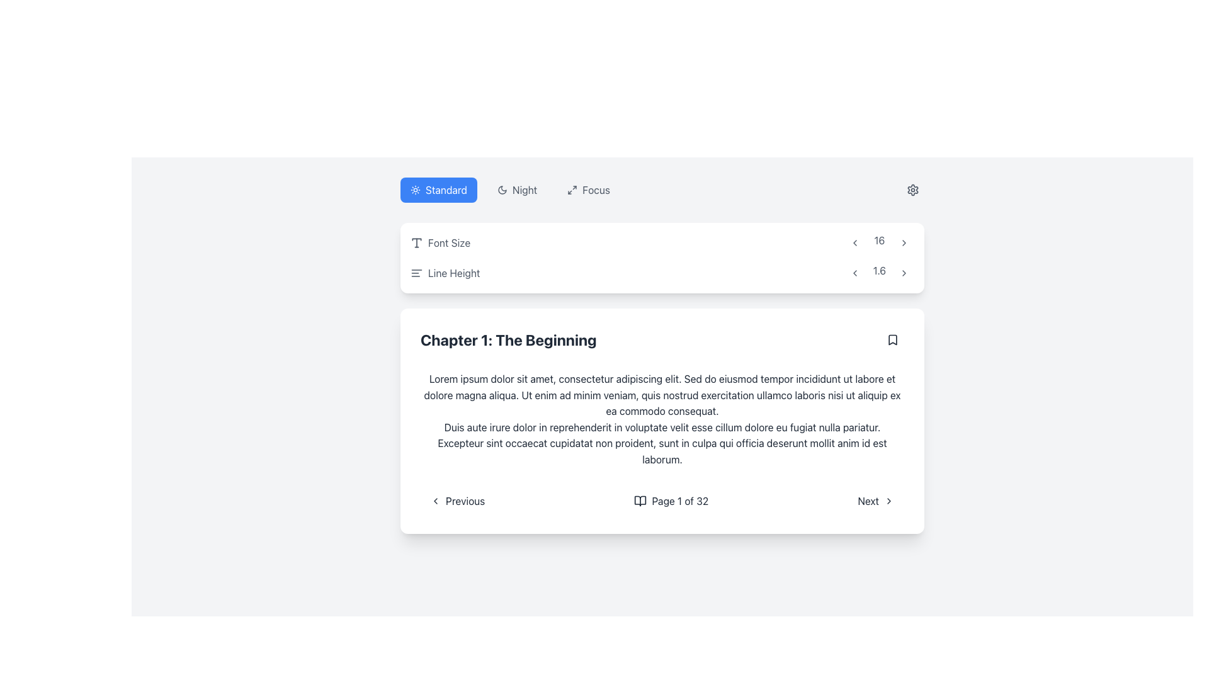 The image size is (1209, 680). Describe the element at coordinates (878, 242) in the screenshot. I see `the Text label displaying the value '16', which is centered in a horizontal arrangement between two interactive buttons` at that location.